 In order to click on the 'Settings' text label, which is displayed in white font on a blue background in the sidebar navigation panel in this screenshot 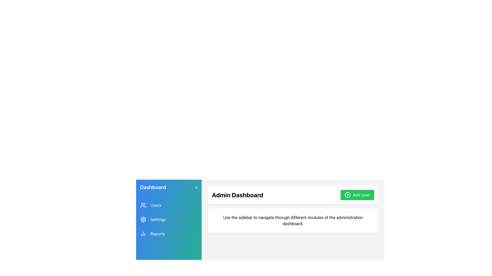, I will do `click(158, 219)`.